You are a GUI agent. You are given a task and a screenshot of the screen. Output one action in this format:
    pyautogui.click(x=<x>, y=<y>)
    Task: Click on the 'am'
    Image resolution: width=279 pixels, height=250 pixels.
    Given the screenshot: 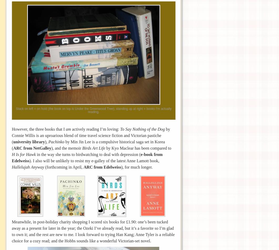 What is the action you would take?
    pyautogui.click(x=65, y=129)
    